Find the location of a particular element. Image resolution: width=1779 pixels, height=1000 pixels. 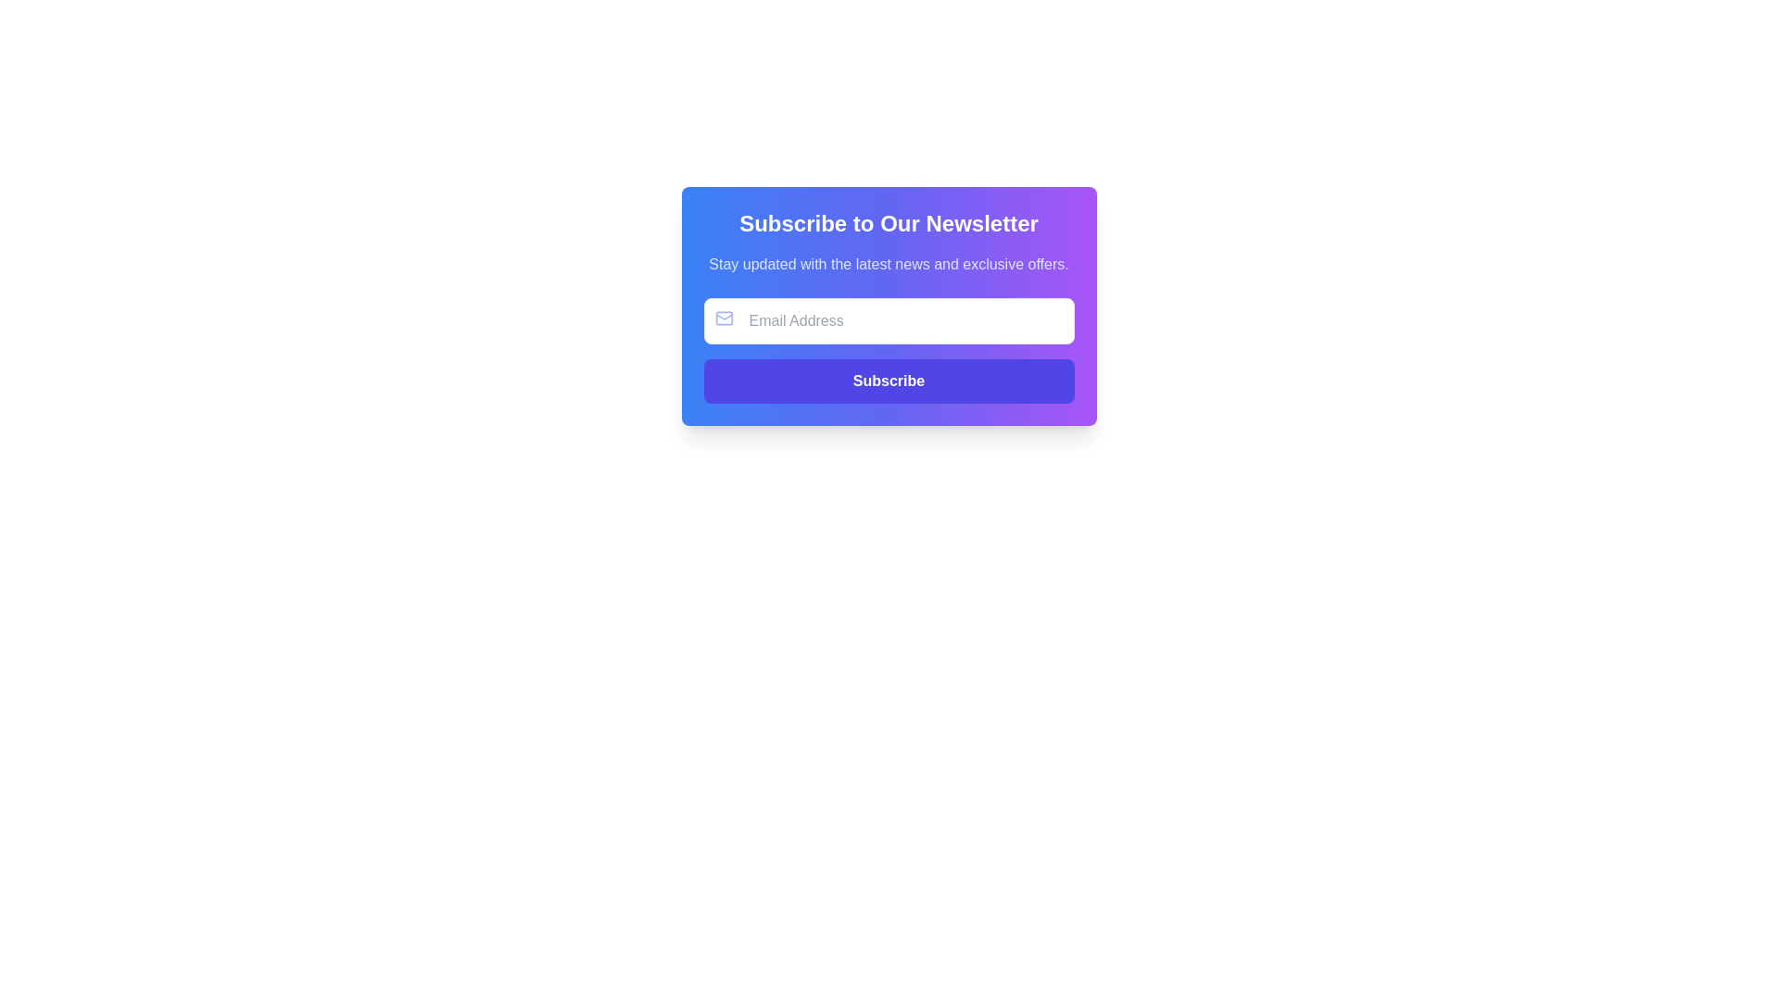

the light blue envelope icon representing an email, located at the top-left corner of the 'Email Address' input field in the signup form is located at coordinates (723, 317).